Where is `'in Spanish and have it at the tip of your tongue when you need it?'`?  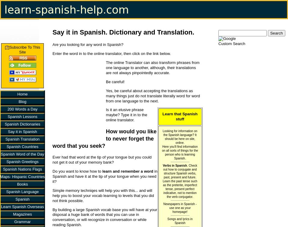
'in Spanish and have it at the tip of your tongue when you need it?' is located at coordinates (105, 176).